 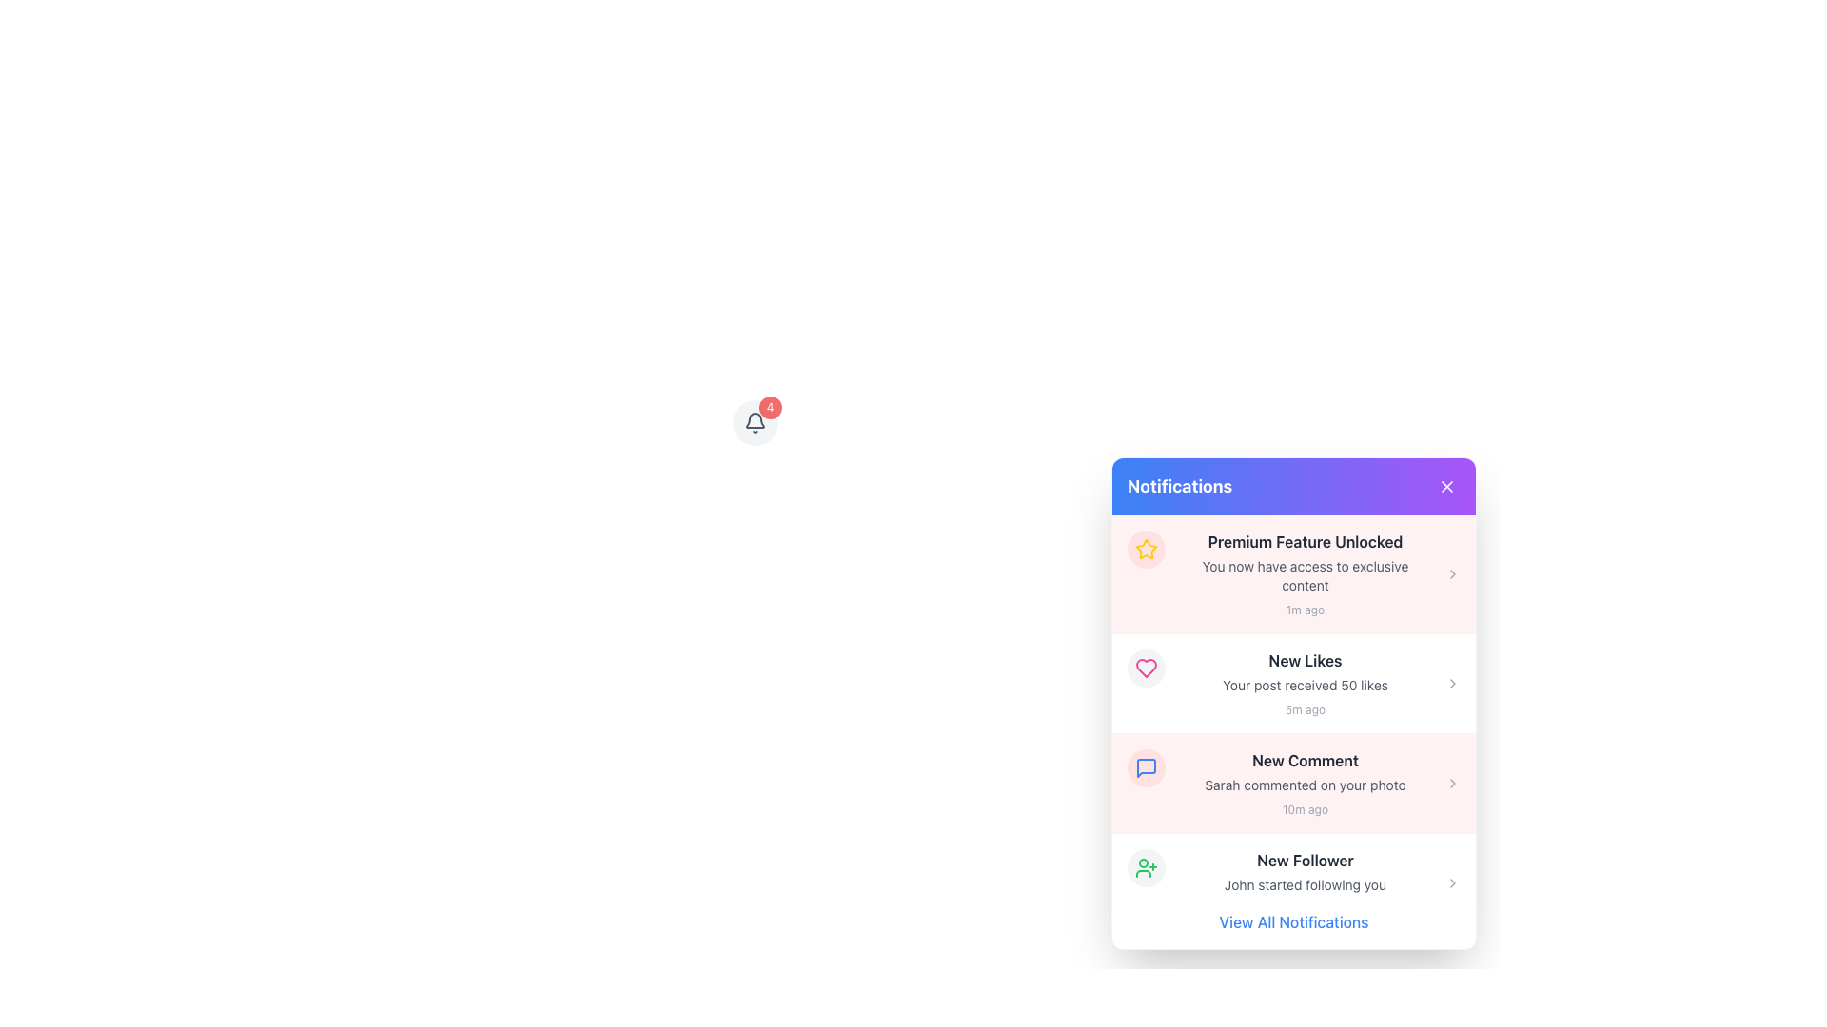 What do you see at coordinates (1293, 883) in the screenshot?
I see `the fourth notification in the list that informs the user about a new follower` at bounding box center [1293, 883].